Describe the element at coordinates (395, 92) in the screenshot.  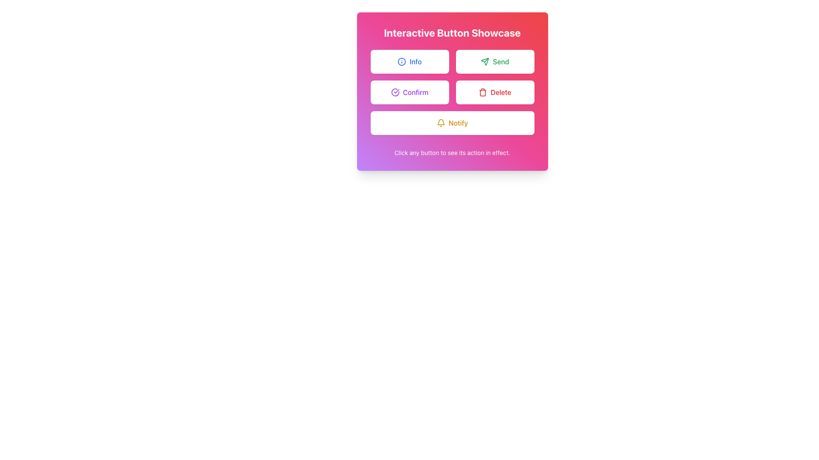
I see `the icon located to the immediate left of the 'Confirm' button in the middle row of the interface, which serves as a visual indicator for the button functionality` at that location.